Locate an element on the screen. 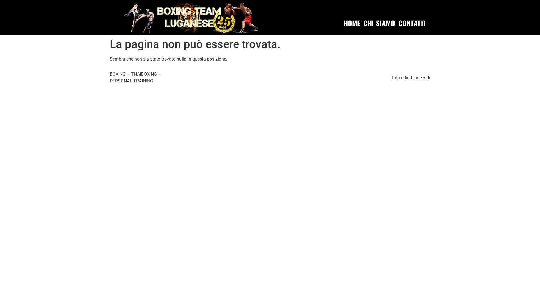  'CONTATTI' is located at coordinates (412, 23).